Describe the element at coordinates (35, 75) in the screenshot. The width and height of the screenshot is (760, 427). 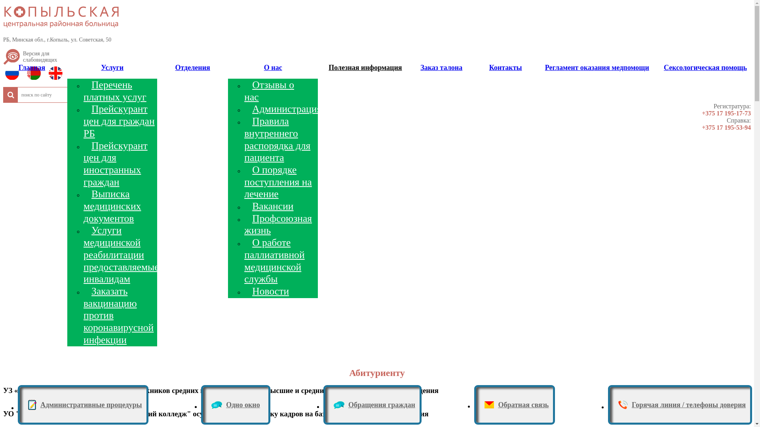
I see `'Belarusian'` at that location.